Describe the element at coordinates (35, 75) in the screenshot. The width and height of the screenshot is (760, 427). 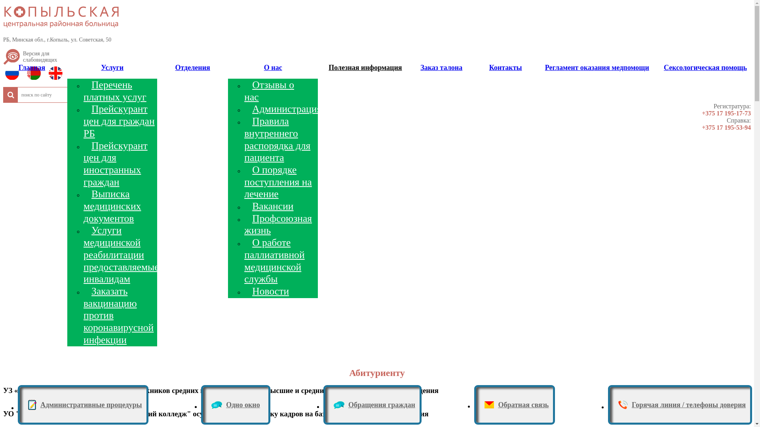
I see `'Belarusian'` at that location.